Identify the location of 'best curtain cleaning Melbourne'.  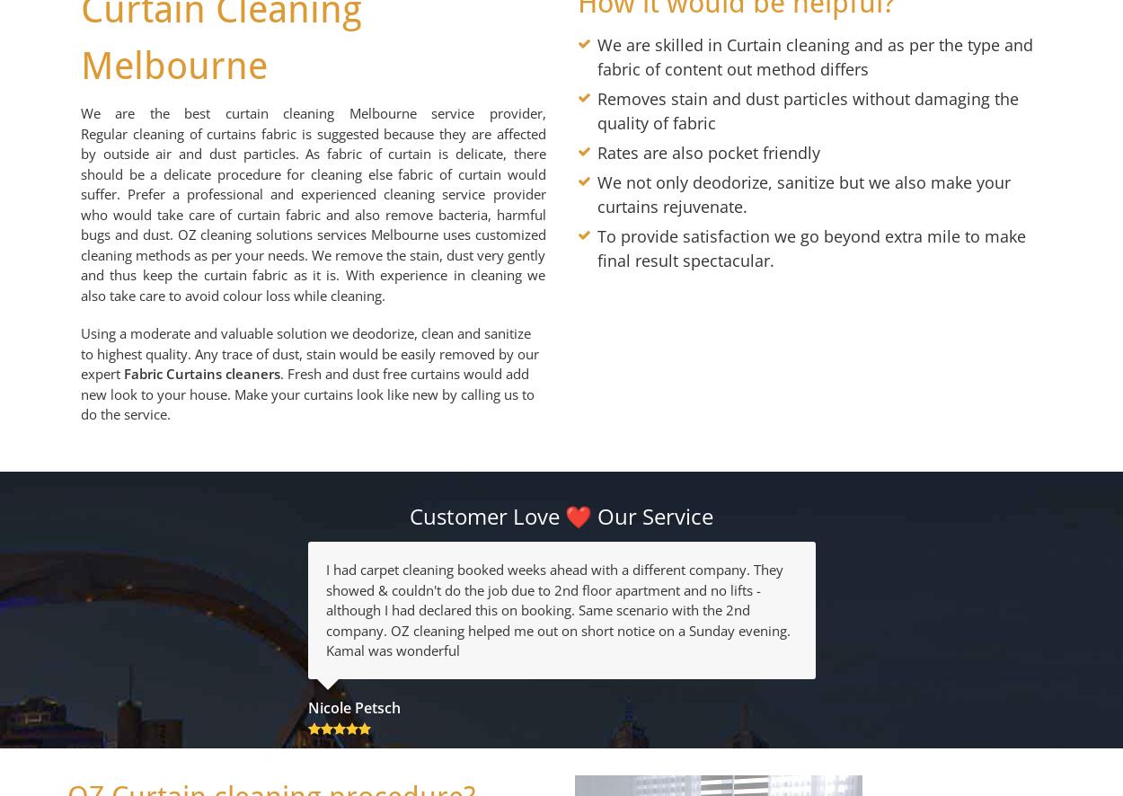
(299, 112).